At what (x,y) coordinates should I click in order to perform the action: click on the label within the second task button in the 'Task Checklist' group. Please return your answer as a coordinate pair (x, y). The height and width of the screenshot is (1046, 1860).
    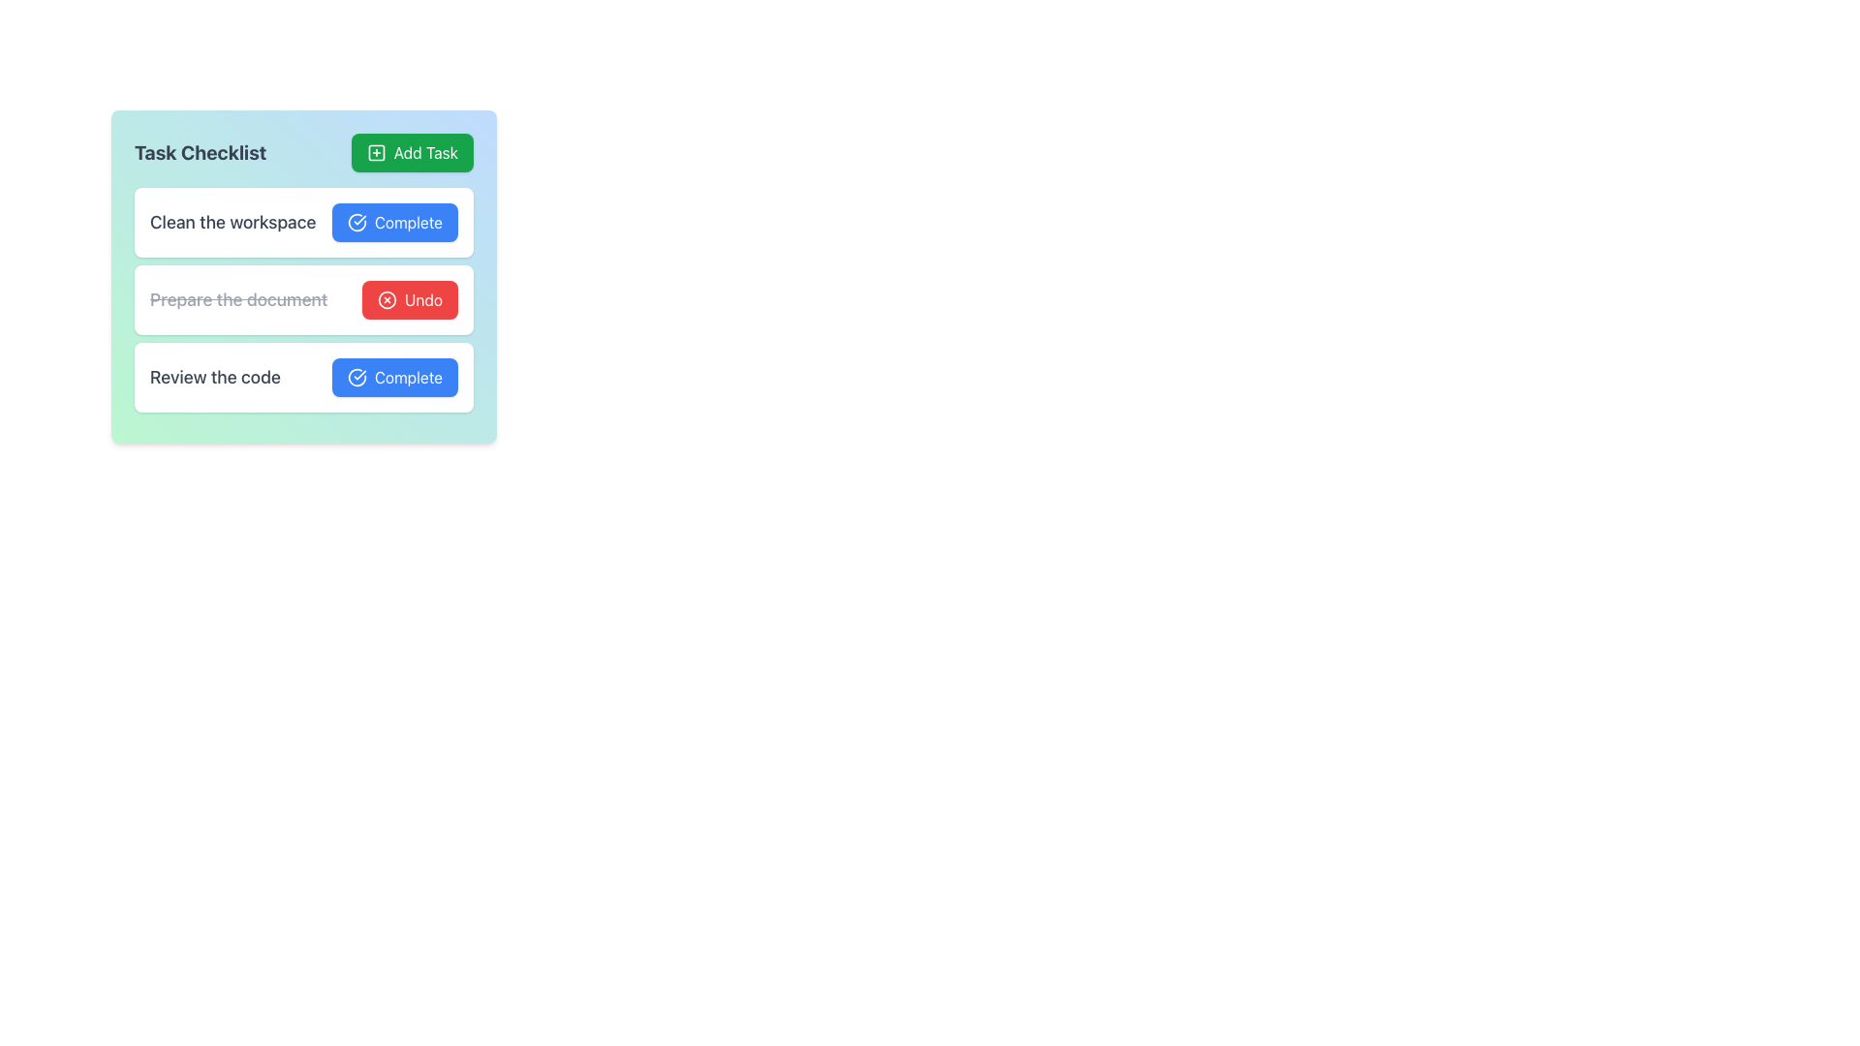
    Looking at the image, I should click on (408, 222).